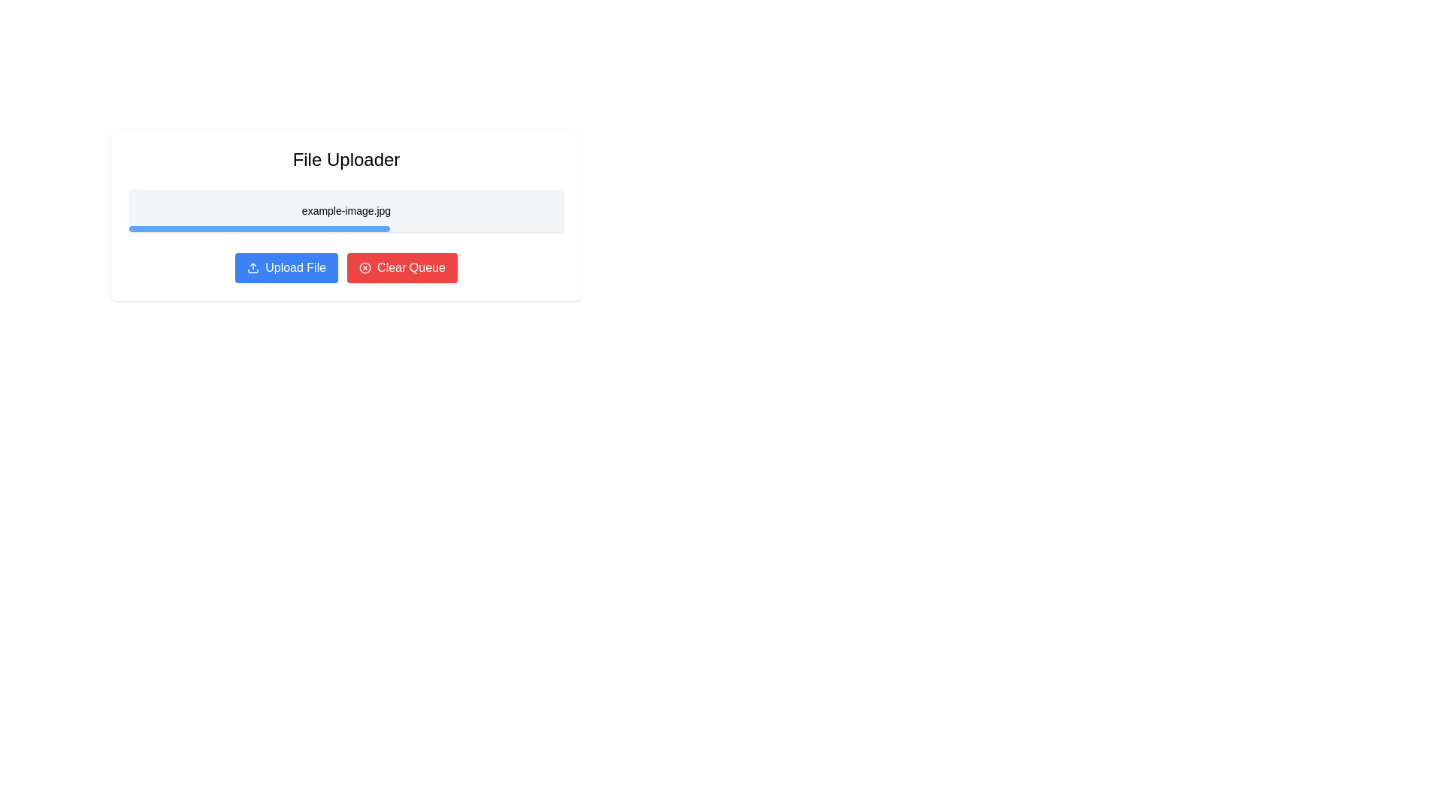 The image size is (1443, 811). What do you see at coordinates (295, 267) in the screenshot?
I see `the blue button labeled 'Upload File' to receive potential interaction feedback` at bounding box center [295, 267].